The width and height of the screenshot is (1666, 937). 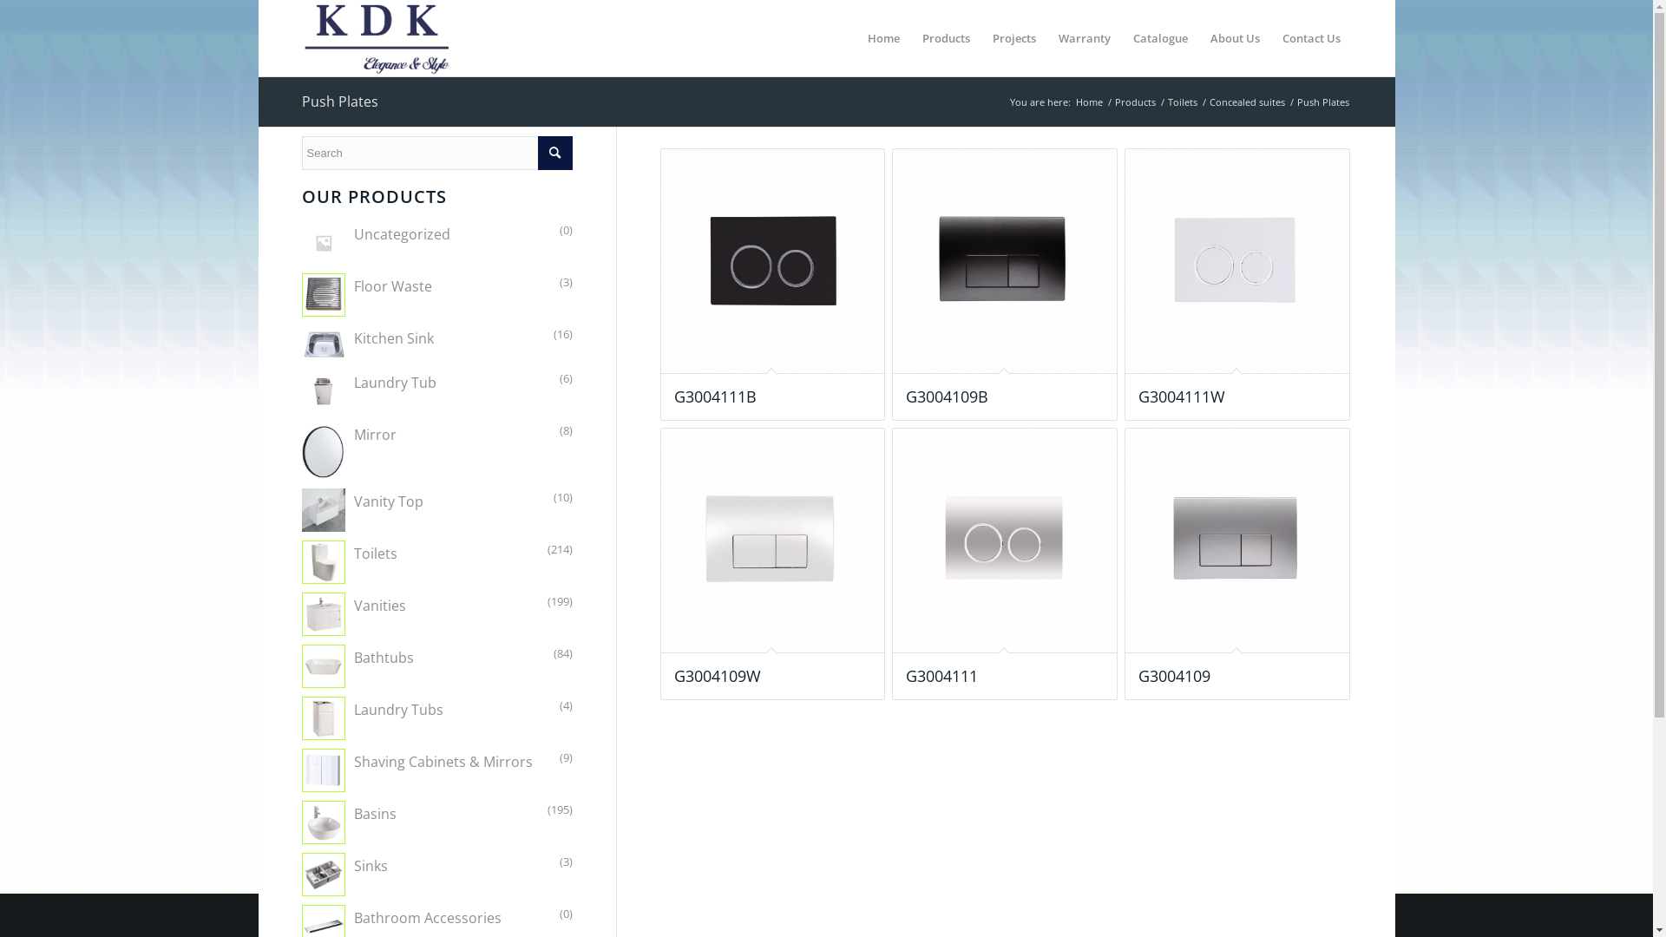 I want to click on 'Shaving Cabinets & Mirrors', so click(x=416, y=769).